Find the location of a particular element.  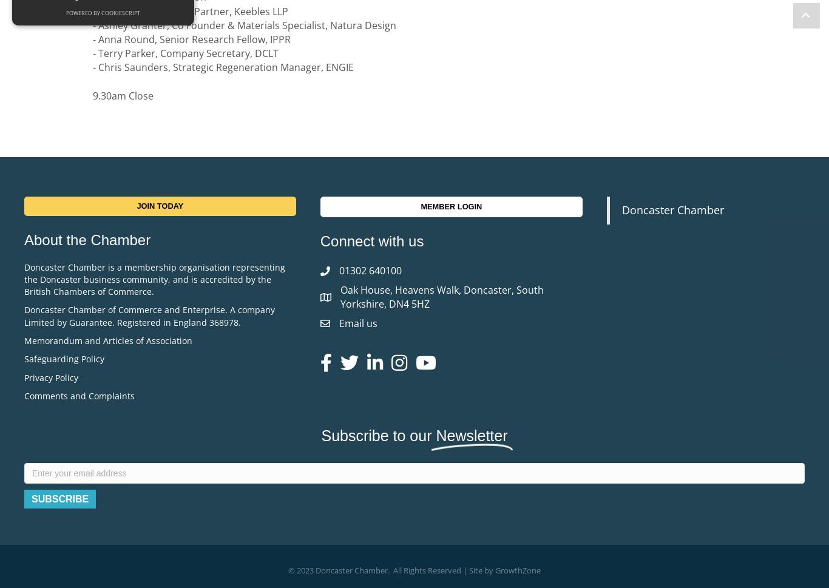

'- Michele Wightmann, Partner, Keebles LLP' is located at coordinates (191, 11).